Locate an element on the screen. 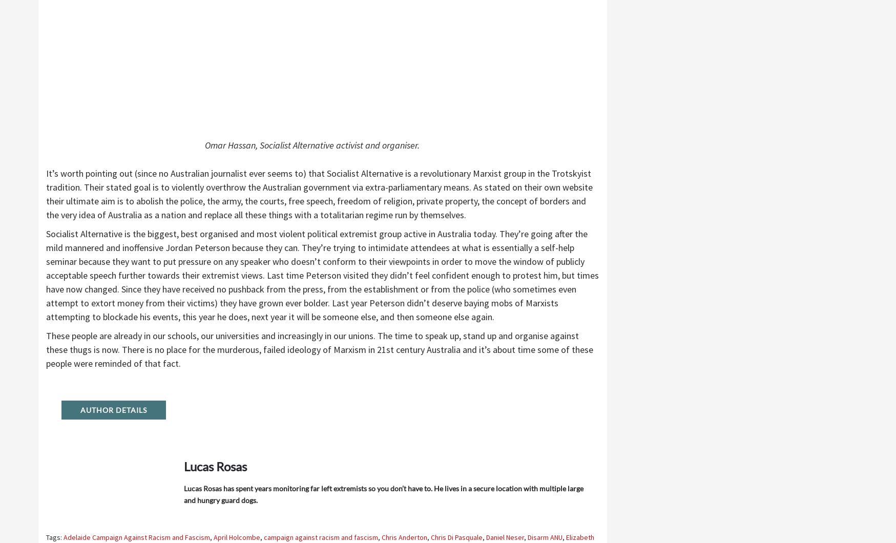 The width and height of the screenshot is (896, 543). 'Omar Hassan, Socialist Alternative activist and organiser.' is located at coordinates (311, 145).